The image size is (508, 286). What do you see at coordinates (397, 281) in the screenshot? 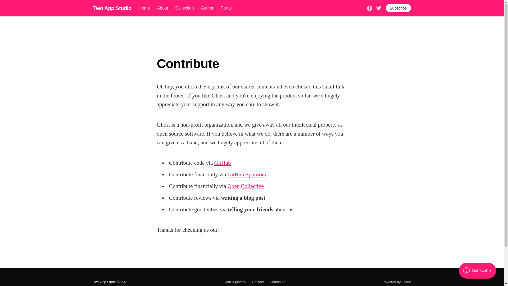
I see `'Powered by Ghost'` at bounding box center [397, 281].